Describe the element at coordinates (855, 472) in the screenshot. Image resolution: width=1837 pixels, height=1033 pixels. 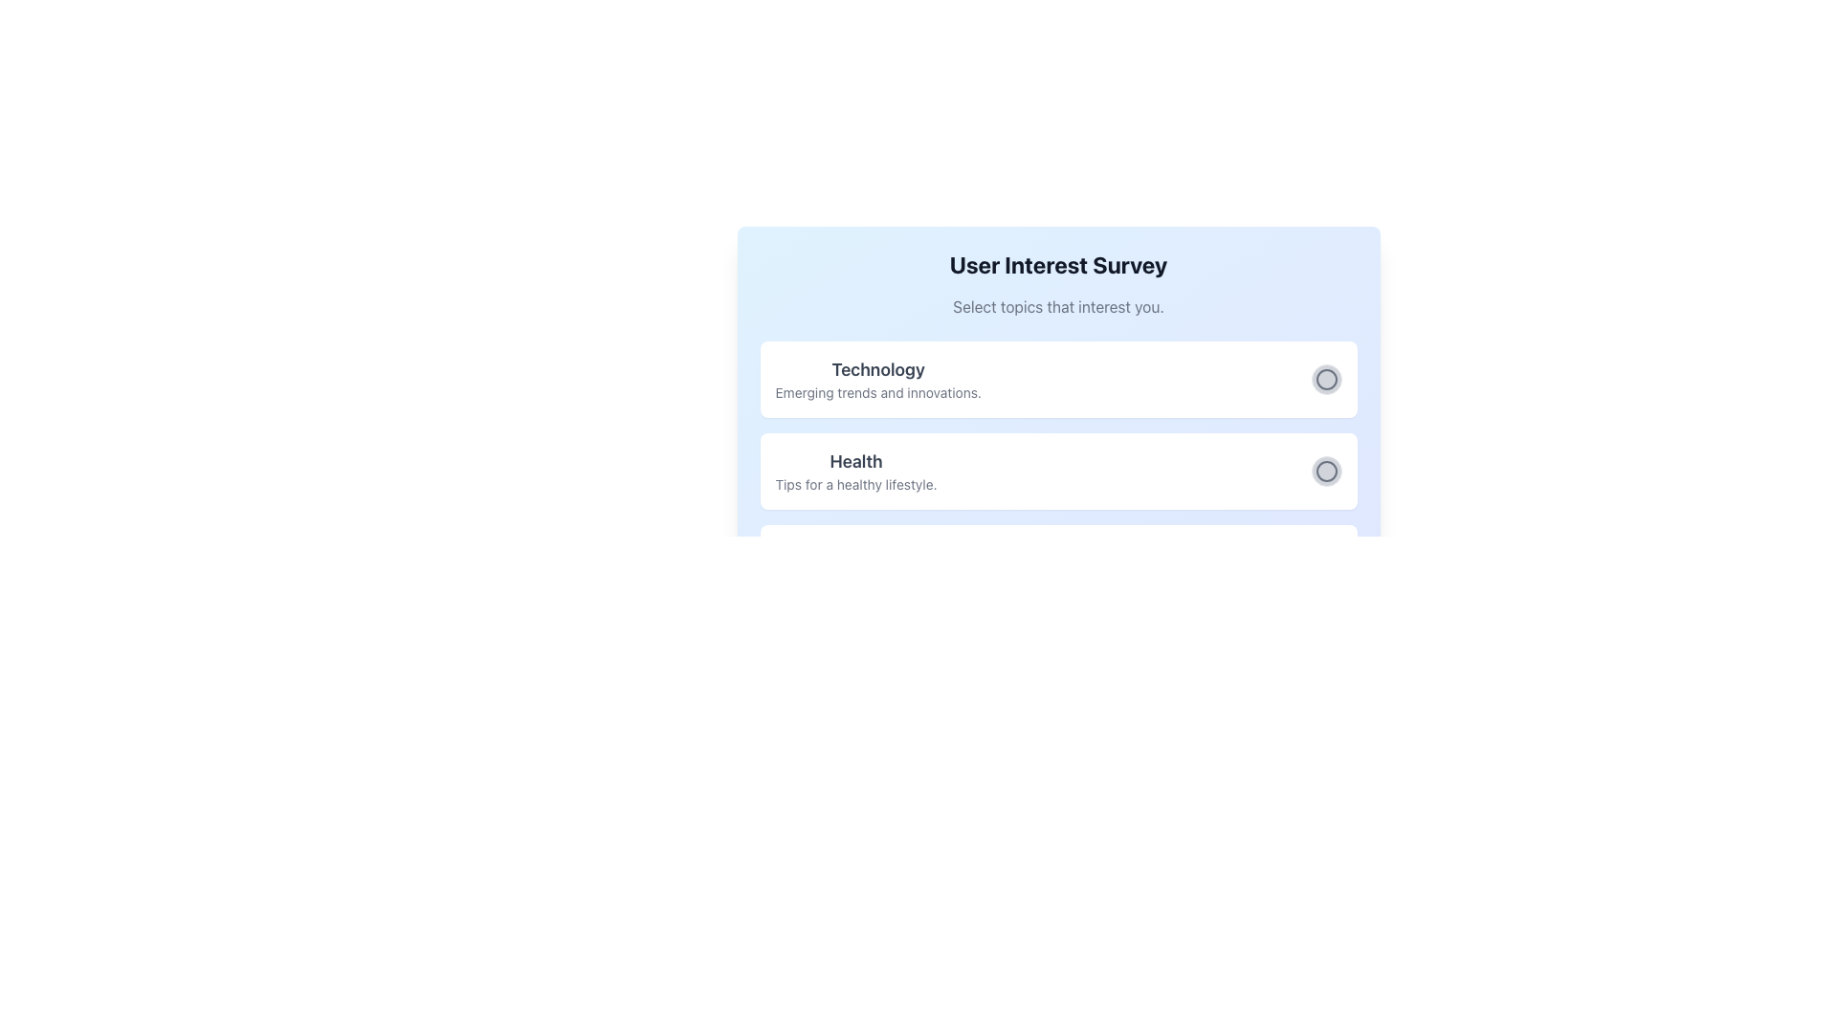
I see `the static text element that displays a topic title and description within the 'Health' card, which is located between the 'Technology' card and another section` at that location.